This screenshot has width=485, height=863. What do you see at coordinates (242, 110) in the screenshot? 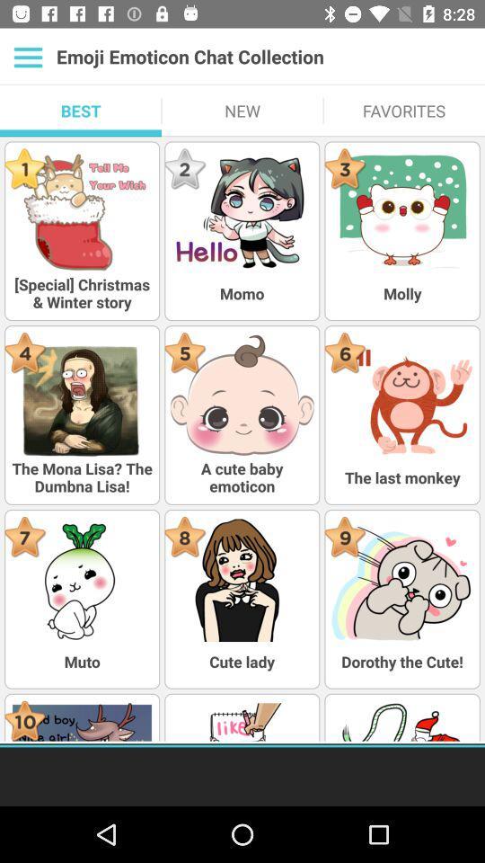
I see `item below the emoji emoticon chat item` at bounding box center [242, 110].